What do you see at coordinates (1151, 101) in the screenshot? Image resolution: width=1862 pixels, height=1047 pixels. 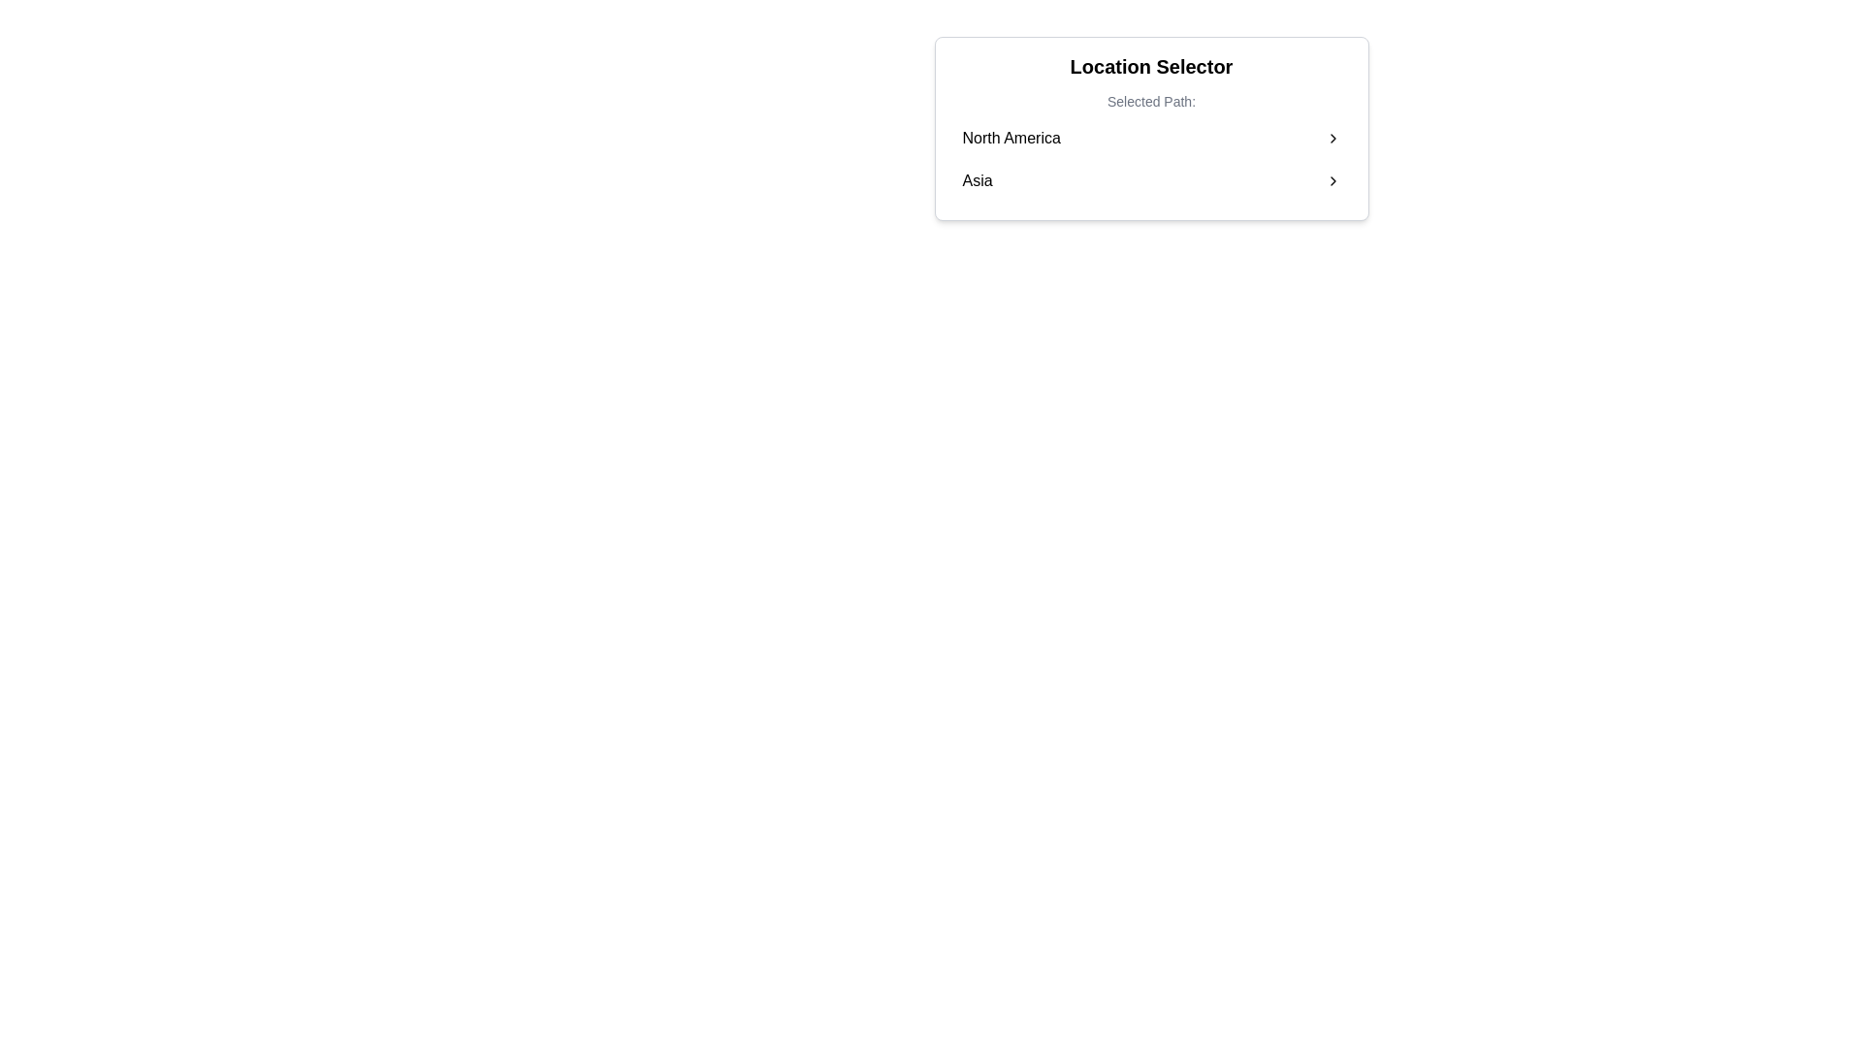 I see `the text label that provides a title or description for the options in the 'Location Selector' section, positioned below the header and above the options 'North America' and 'Asia'` at bounding box center [1151, 101].